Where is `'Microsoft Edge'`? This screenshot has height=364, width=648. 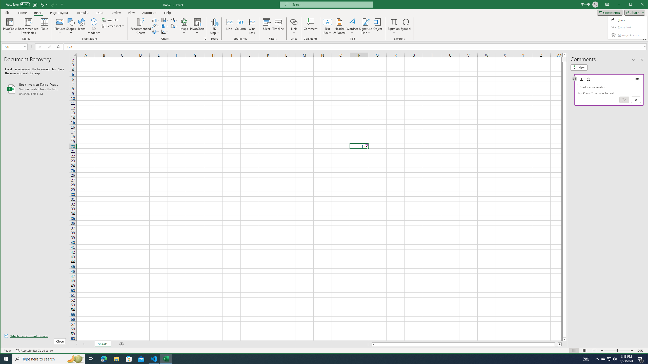
'Microsoft Edge' is located at coordinates (104, 358).